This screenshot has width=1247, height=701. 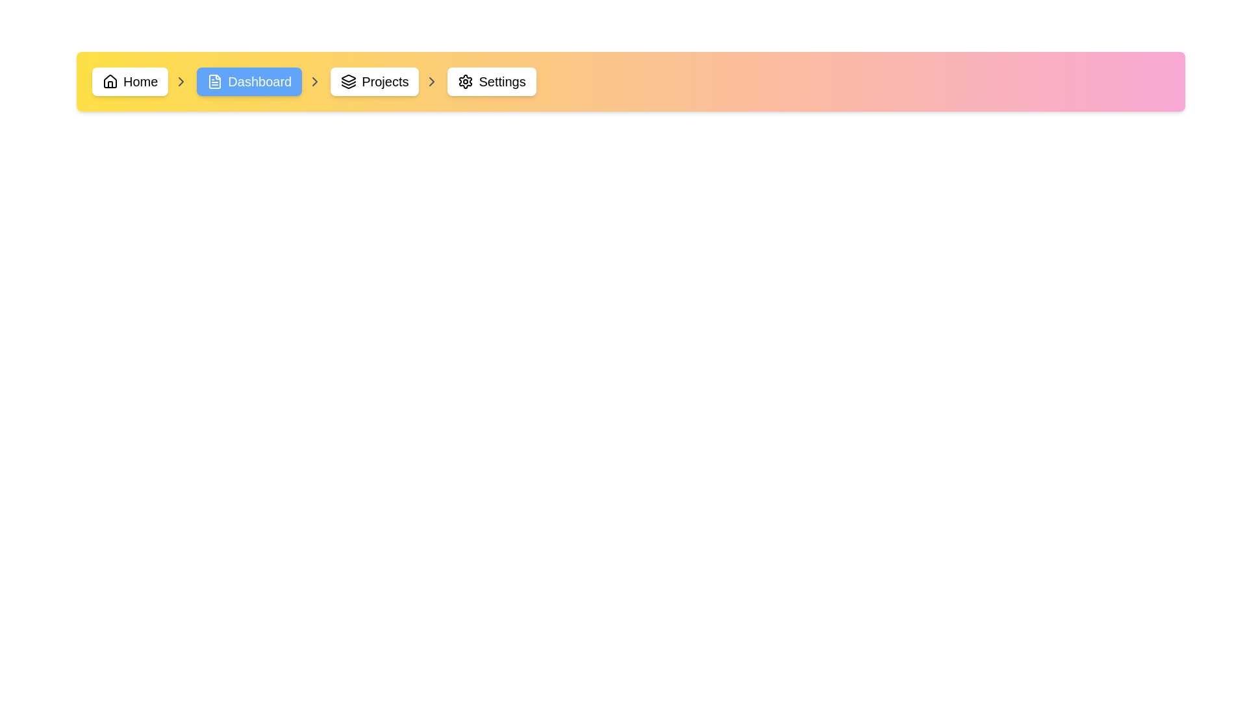 What do you see at coordinates (140, 82) in the screenshot?
I see `the 'Home' label which represents the navigation button for redirecting users to the homepage` at bounding box center [140, 82].